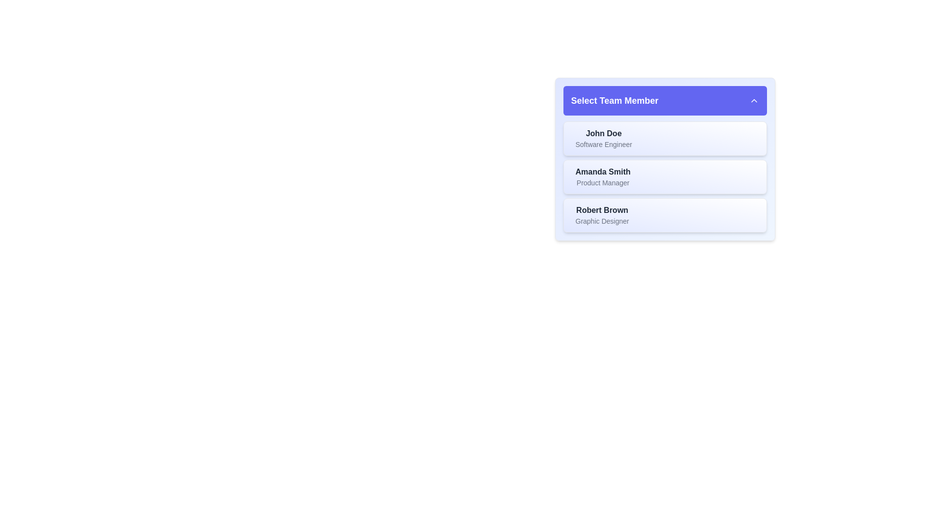 The width and height of the screenshot is (944, 531). What do you see at coordinates (602, 172) in the screenshot?
I see `the text label displaying the name 'Amanda Smith'` at bounding box center [602, 172].